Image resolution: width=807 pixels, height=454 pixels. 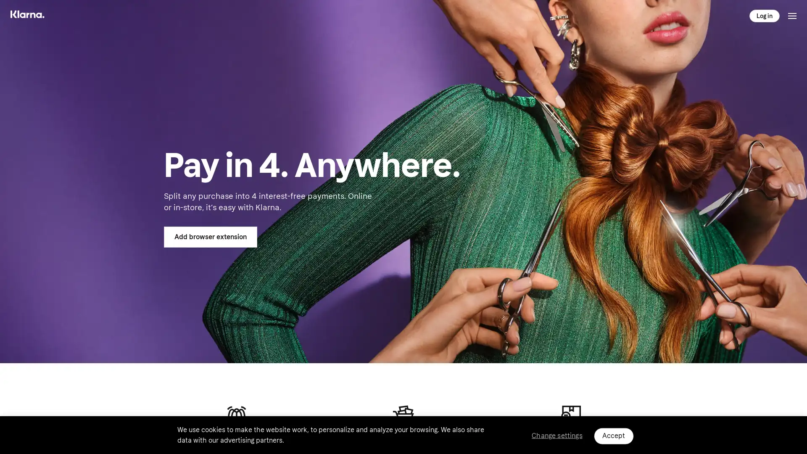 I want to click on Main menu, so click(x=34, y=16).